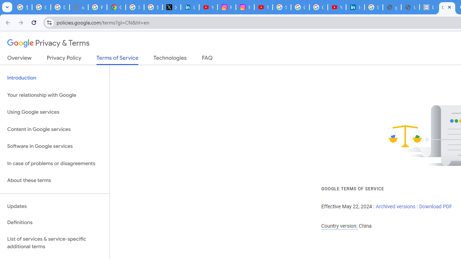 This screenshot has width=461, height=259. I want to click on 'Your relationship with Google', so click(54, 95).